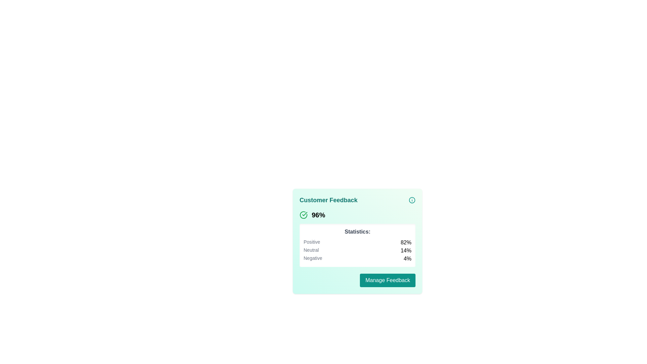  I want to click on the Informative row in the list displaying the 'Negative' percentage statistic, which is the third row in the 'Statistics' section, so click(357, 258).